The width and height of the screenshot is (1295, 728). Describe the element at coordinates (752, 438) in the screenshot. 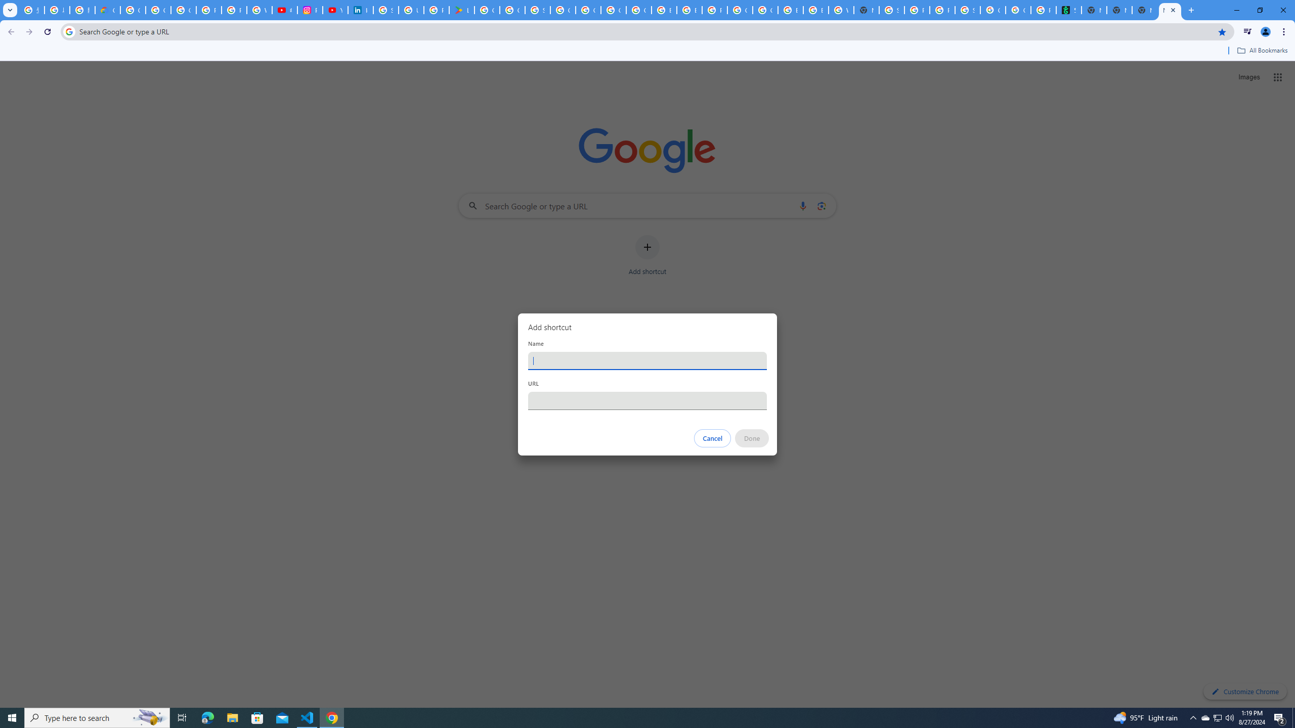

I see `'Done'` at that location.